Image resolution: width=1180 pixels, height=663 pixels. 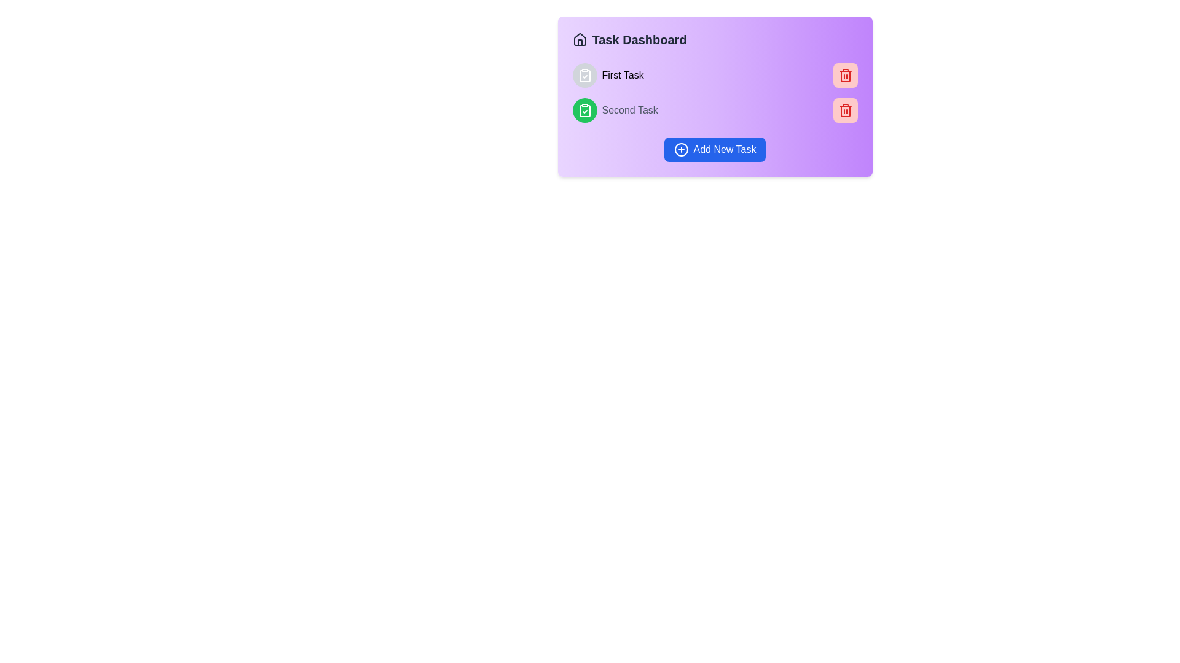 I want to click on the text element styled with a strikethrough effect and gray color reading 'Second Task' located below the 'First Task' entry in the Task Dashboard, so click(x=630, y=110).